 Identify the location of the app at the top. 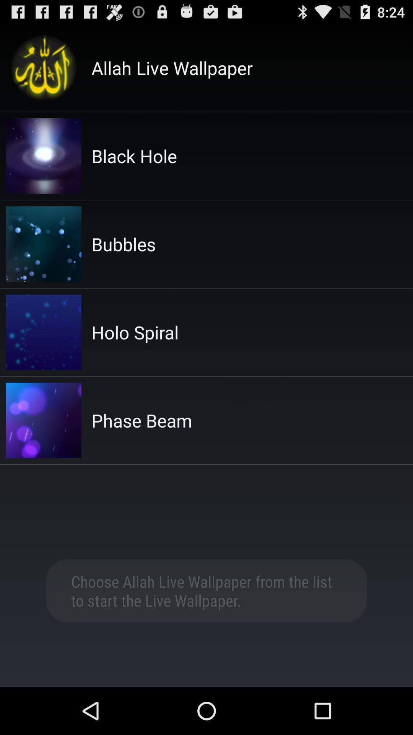
(172, 68).